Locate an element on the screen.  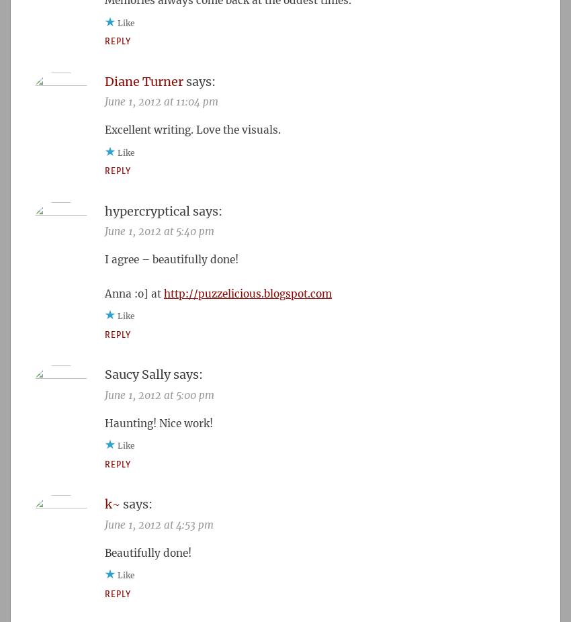
'June 1, 2012 at 4:53 pm' is located at coordinates (159, 524).